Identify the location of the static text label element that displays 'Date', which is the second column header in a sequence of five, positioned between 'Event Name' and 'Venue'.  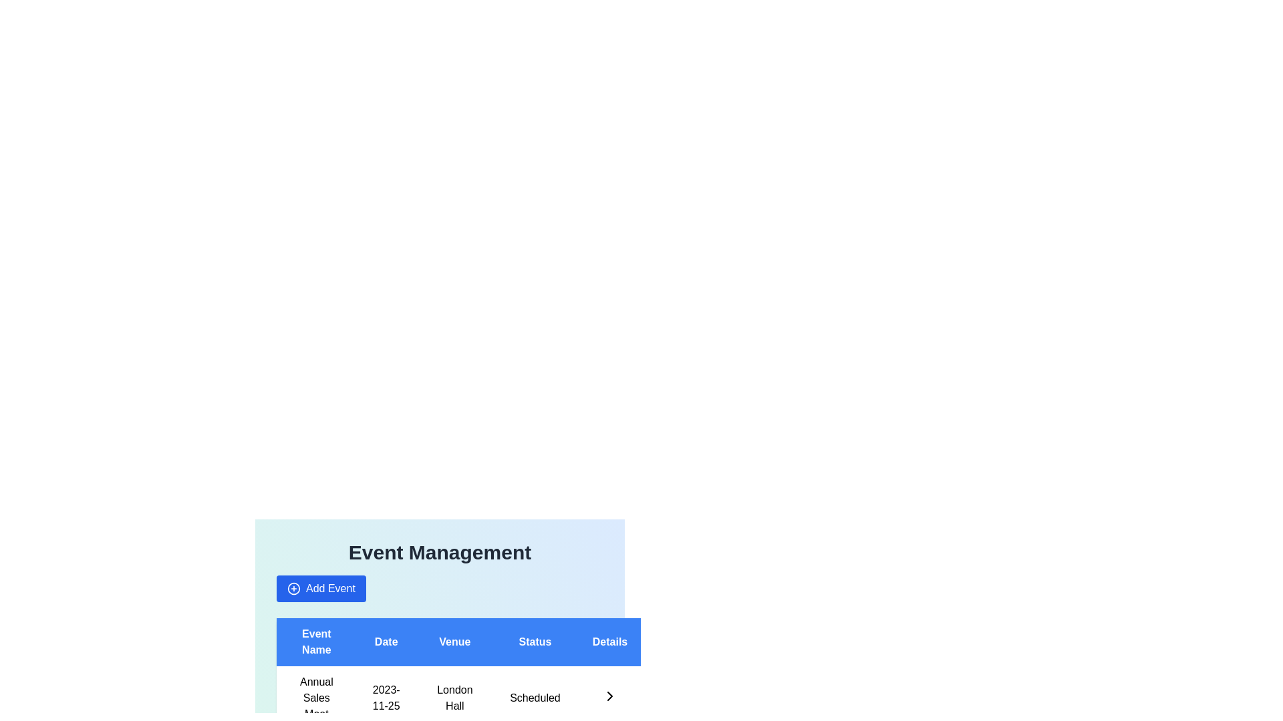
(386, 641).